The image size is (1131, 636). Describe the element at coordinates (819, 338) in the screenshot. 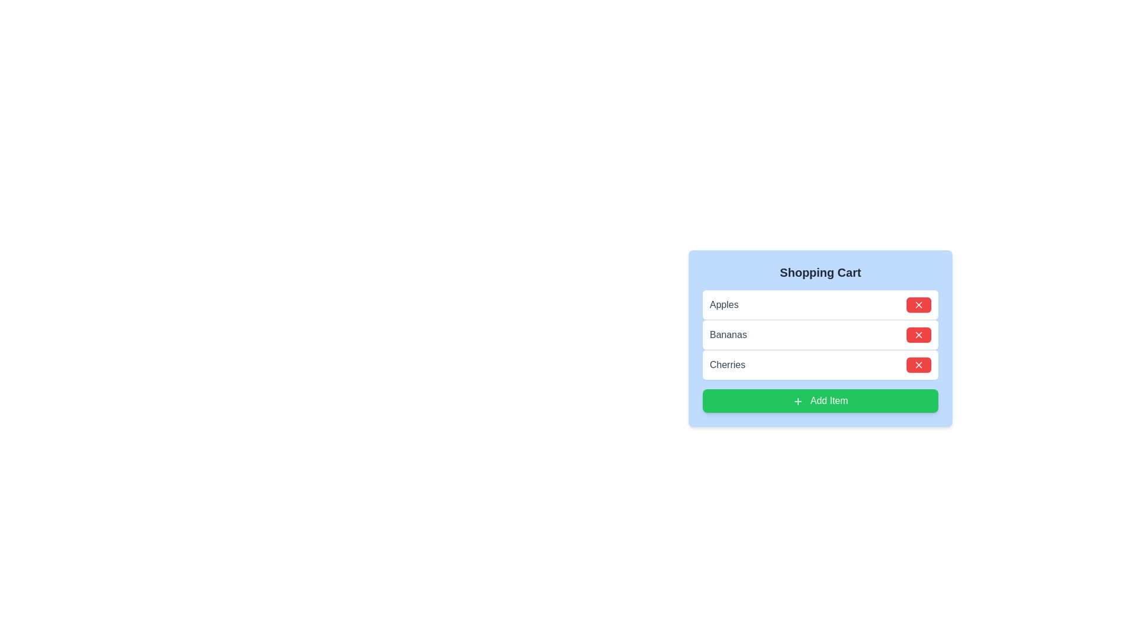

I see `the interactive list item labeled 'Bananas' in the shopping cart interface to display additional options` at that location.